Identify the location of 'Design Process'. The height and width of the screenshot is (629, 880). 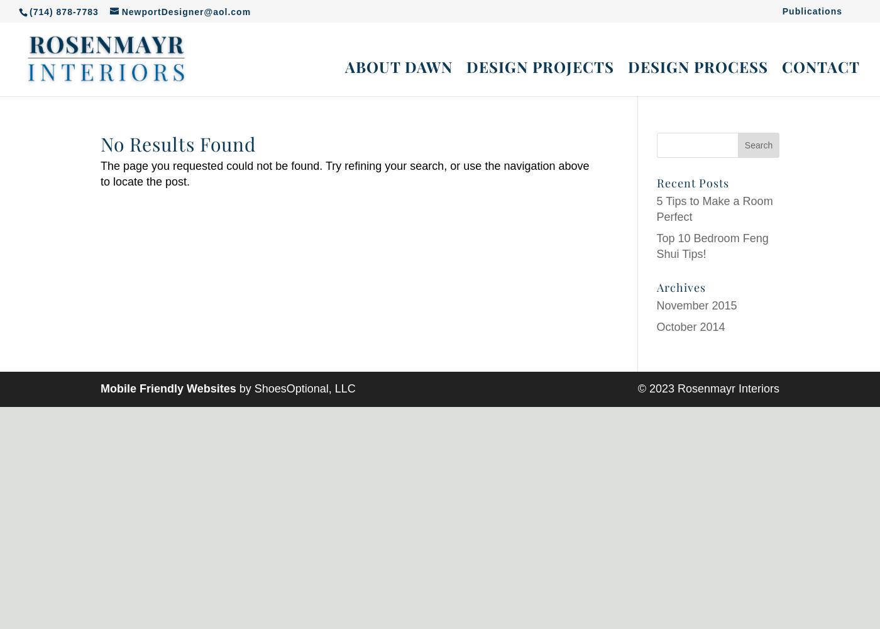
(698, 66).